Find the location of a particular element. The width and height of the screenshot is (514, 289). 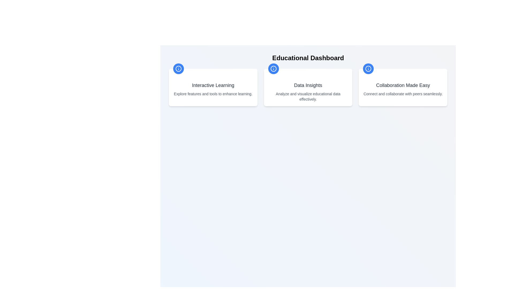

the descriptive text element located within the 'Data Insights' card, which provides information about the section's content and purpose is located at coordinates (308, 97).